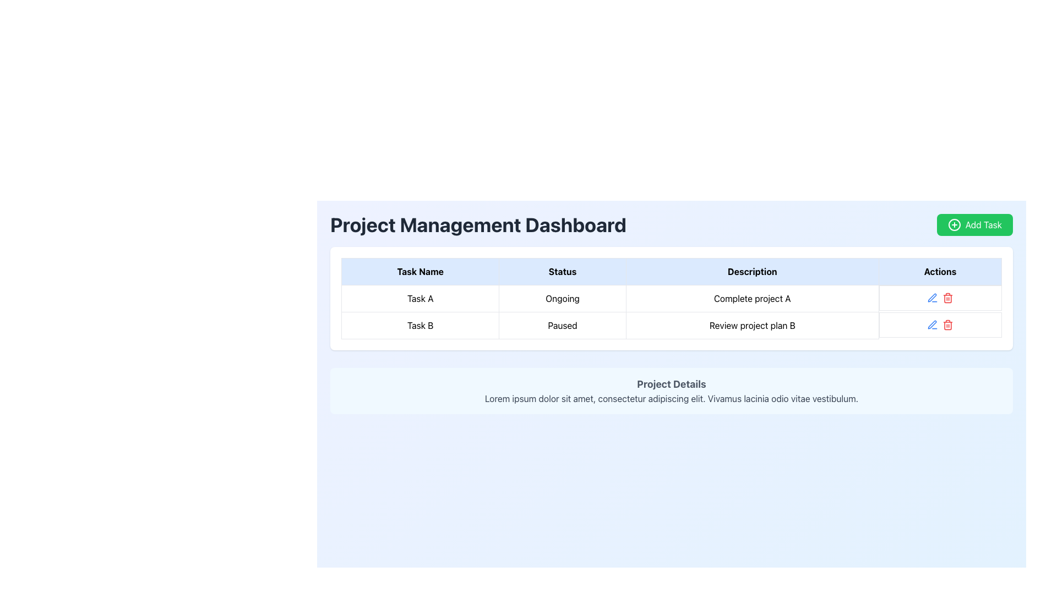 This screenshot has height=594, width=1057. I want to click on the 'Add Task' button, which is represented by a green rectangular border and contains a circular shape with a plus symbol inside, so click(954, 224).